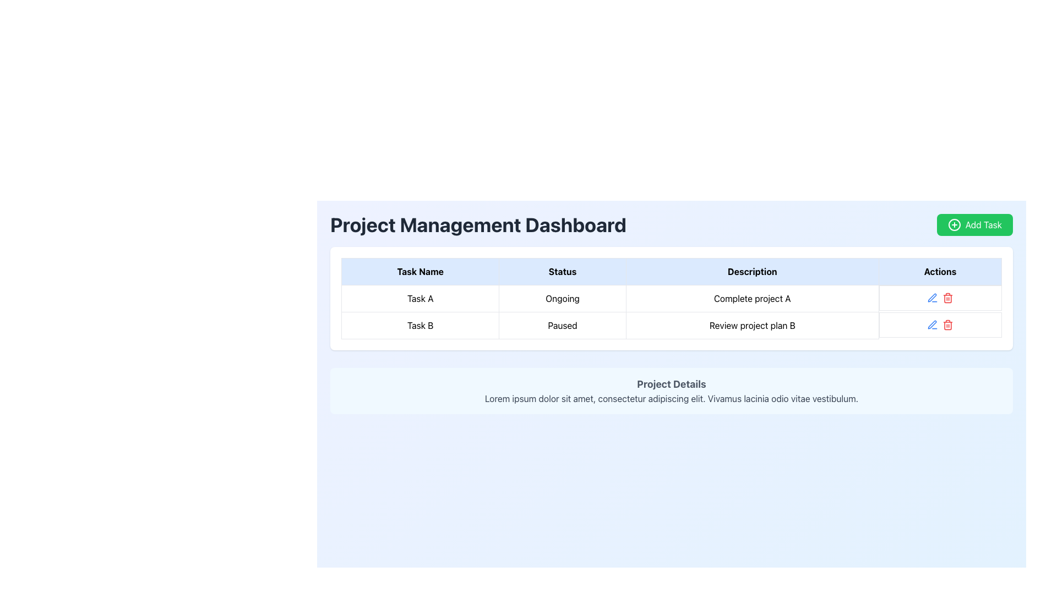 This screenshot has height=594, width=1057. I want to click on the 'Add Task' button, which is represented by a green rectangular border and contains a circular shape with a plus symbol inside, so click(954, 224).